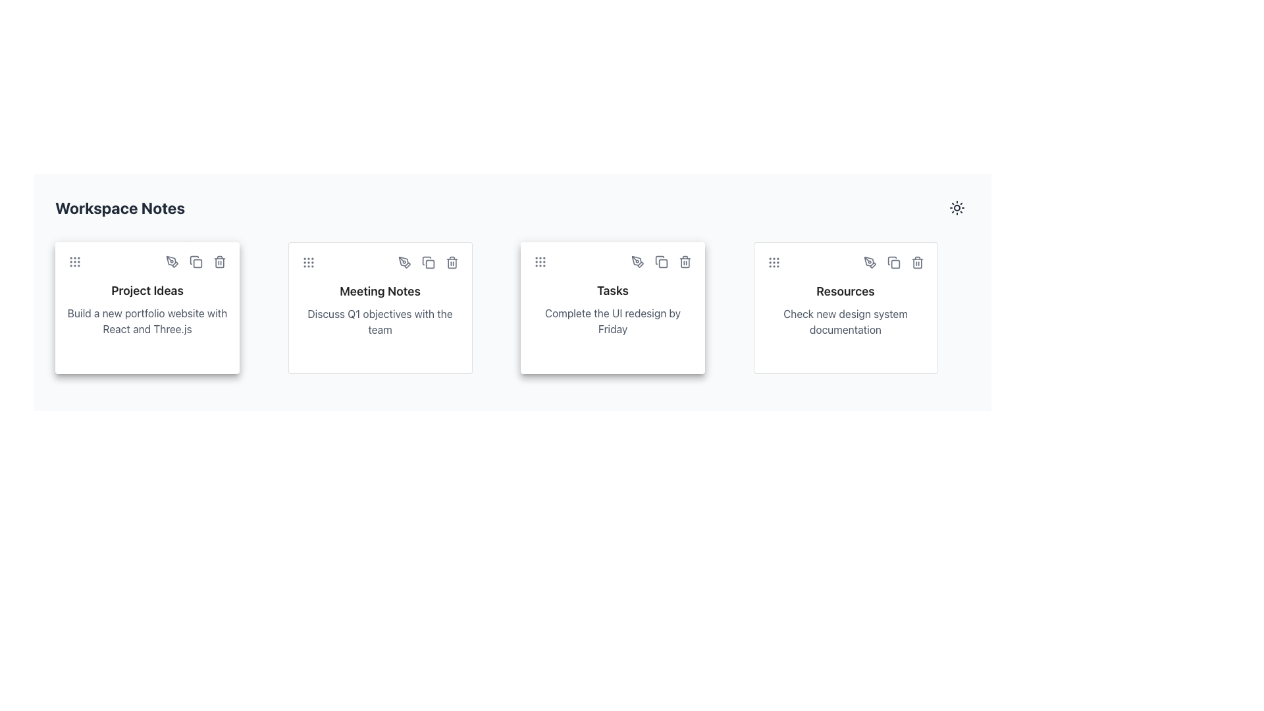 This screenshot has width=1264, height=711. Describe the element at coordinates (307, 262) in the screenshot. I see `the gray icon with a grid-like pattern of nine small circles arranged in a 3x3 matrix located at the top-left corner of the 'Meeting Notes' card` at that location.